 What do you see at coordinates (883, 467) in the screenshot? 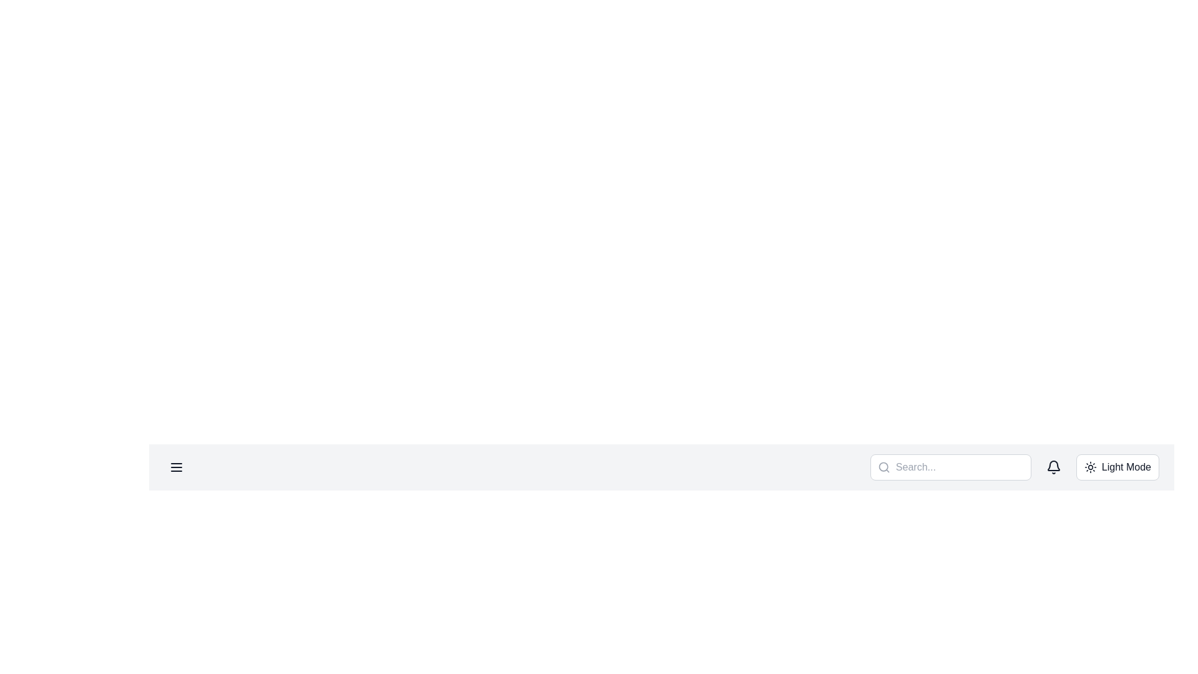
I see `the thin-lined light gray magnifying glass icon located on the left side of the search input field` at bounding box center [883, 467].